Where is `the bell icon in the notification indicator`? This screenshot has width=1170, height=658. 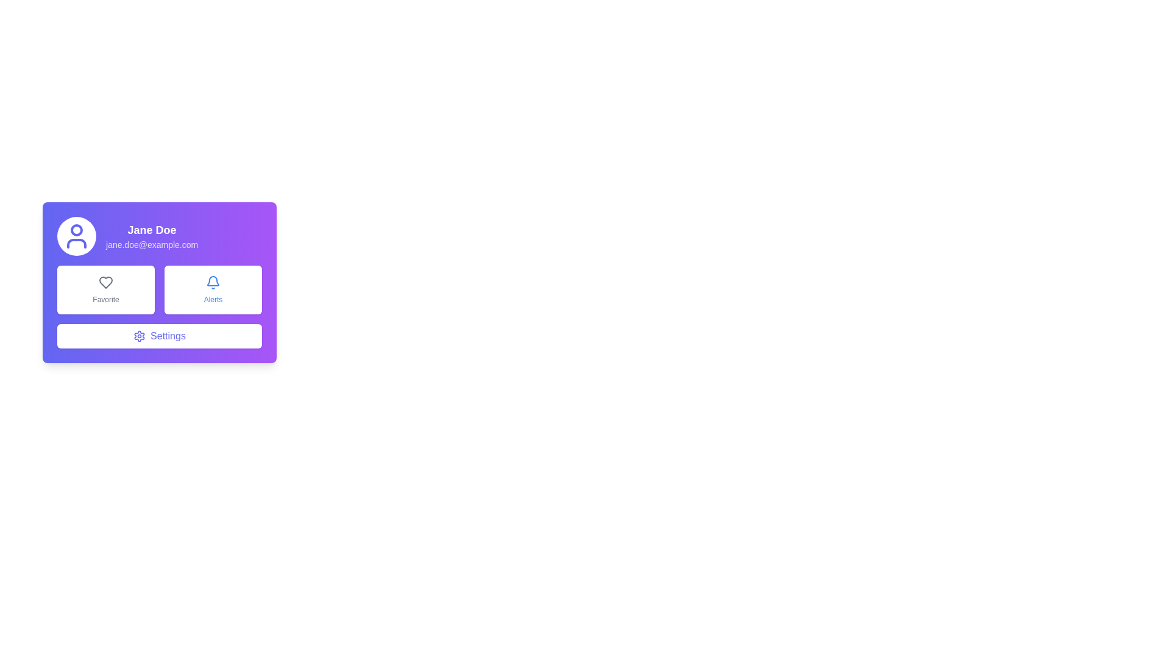 the bell icon in the notification indicator is located at coordinates (213, 281).